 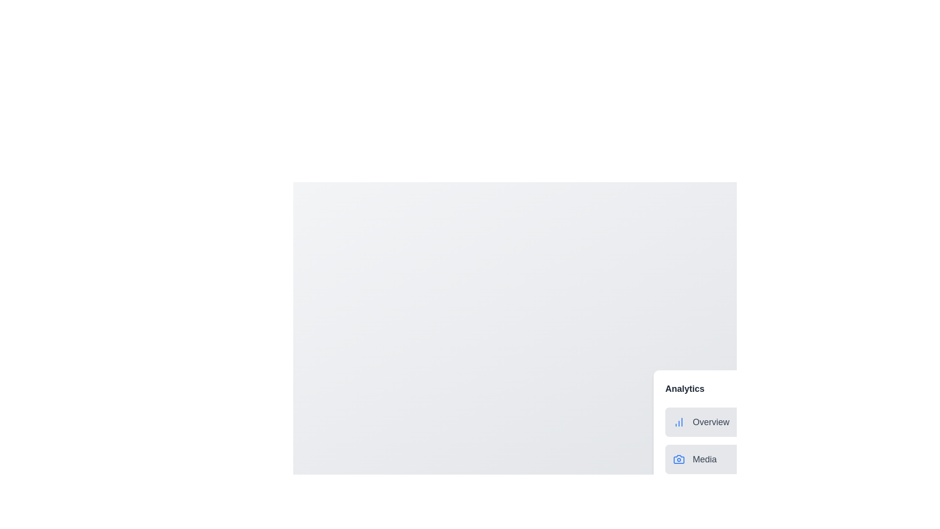 What do you see at coordinates (692, 459) in the screenshot?
I see `the section titled Media` at bounding box center [692, 459].